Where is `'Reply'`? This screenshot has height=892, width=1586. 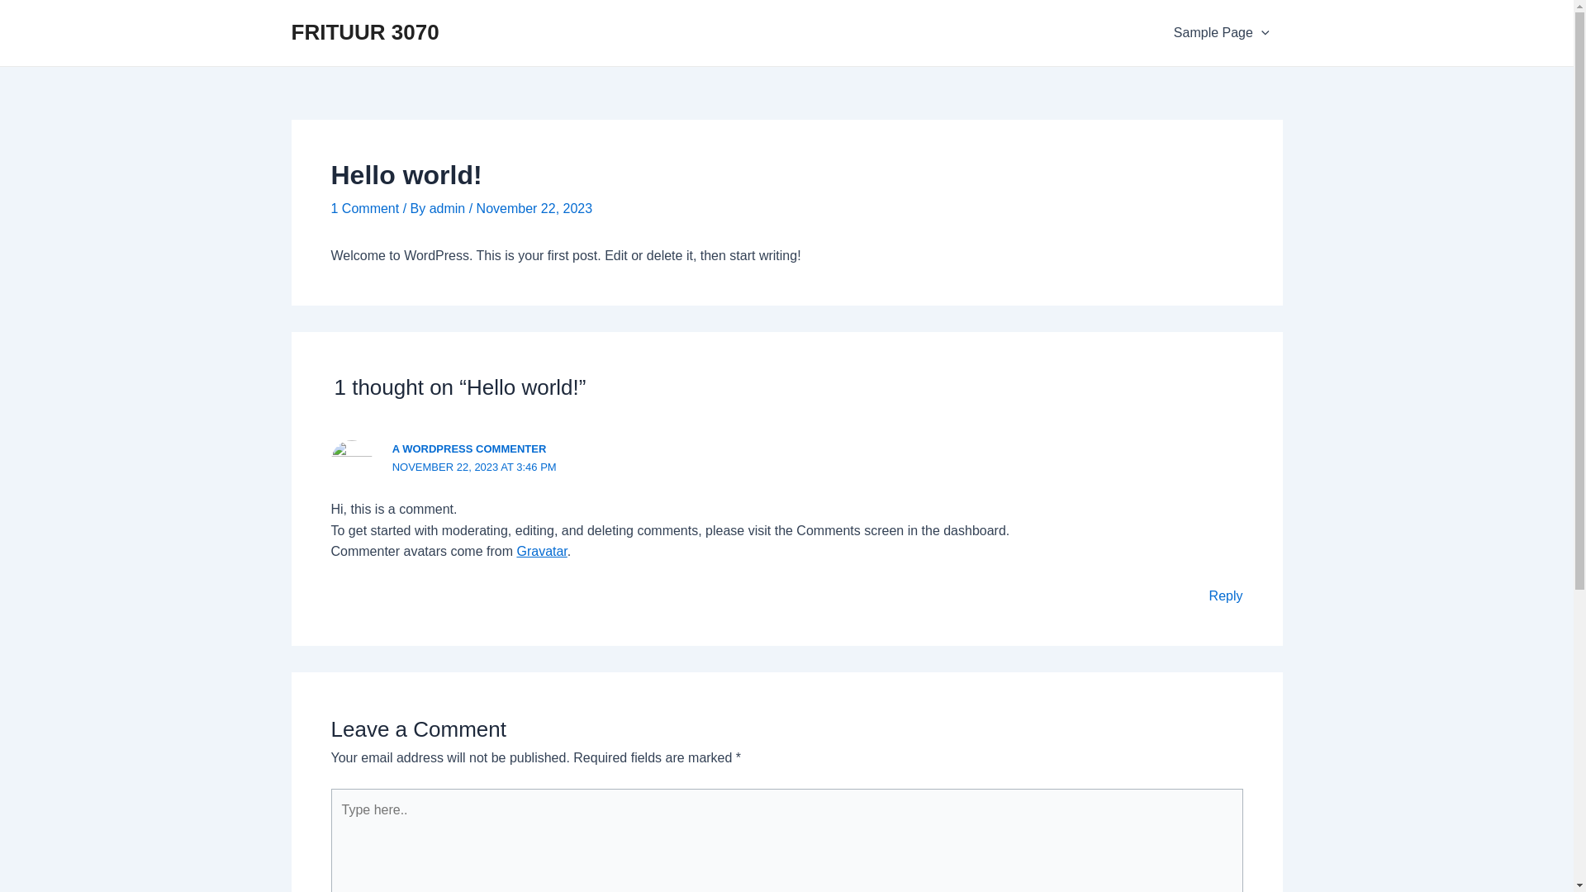 'Reply' is located at coordinates (1226, 595).